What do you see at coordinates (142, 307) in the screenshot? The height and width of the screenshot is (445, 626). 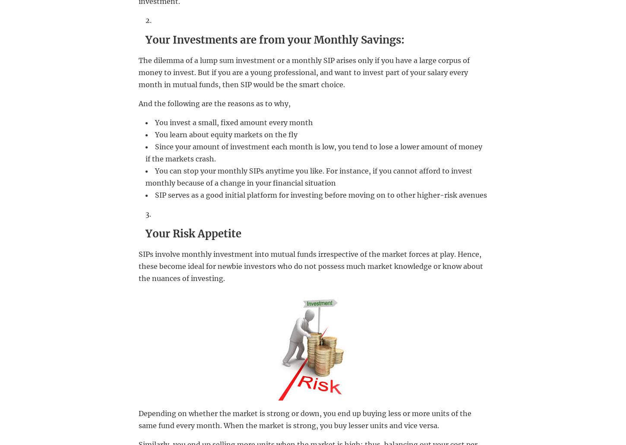 I see `'Delete Wechat Account ID'` at bounding box center [142, 307].